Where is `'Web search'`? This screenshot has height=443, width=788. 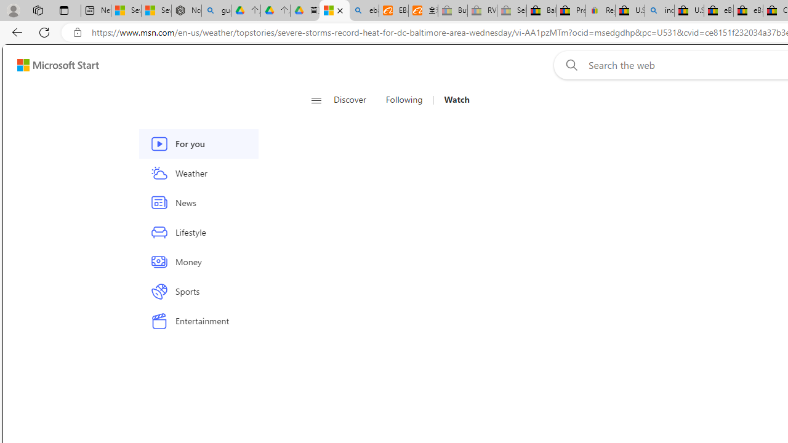
'Web search' is located at coordinates (568, 65).